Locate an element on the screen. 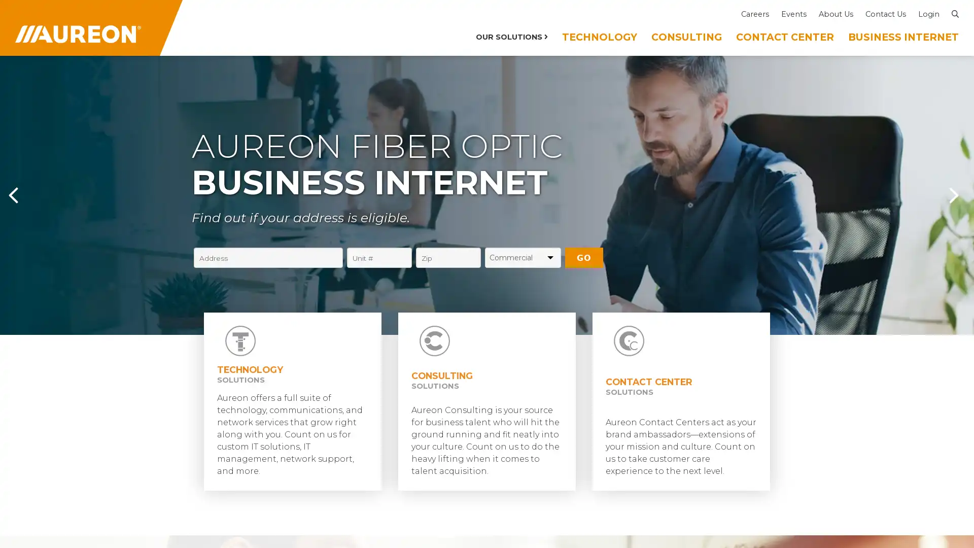  Next is located at coordinates (956, 195).